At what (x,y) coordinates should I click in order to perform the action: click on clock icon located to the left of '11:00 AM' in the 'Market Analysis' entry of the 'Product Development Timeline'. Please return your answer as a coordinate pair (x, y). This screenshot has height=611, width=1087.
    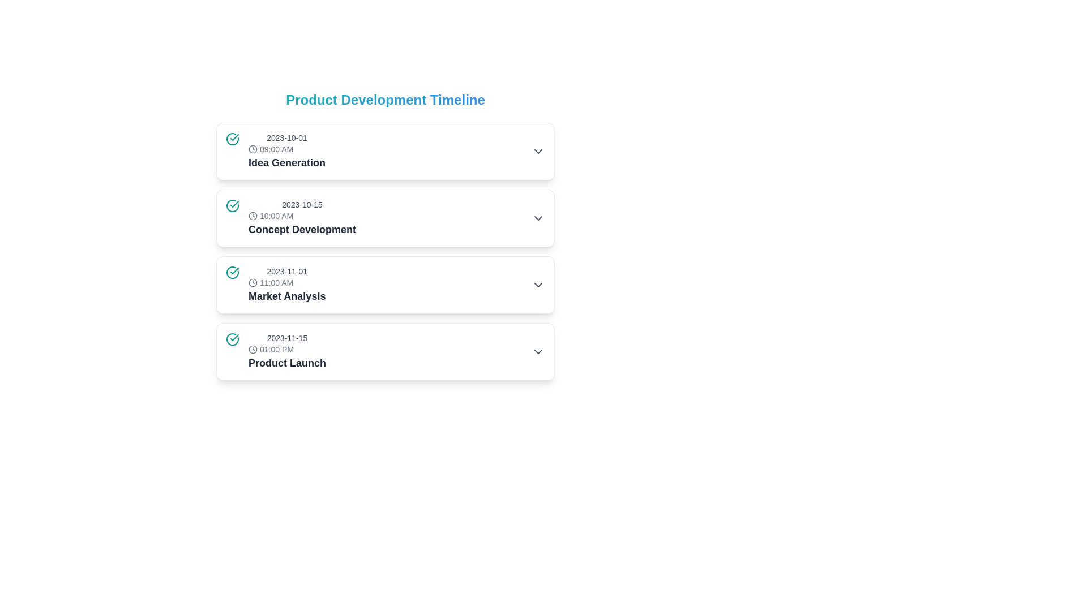
    Looking at the image, I should click on (252, 282).